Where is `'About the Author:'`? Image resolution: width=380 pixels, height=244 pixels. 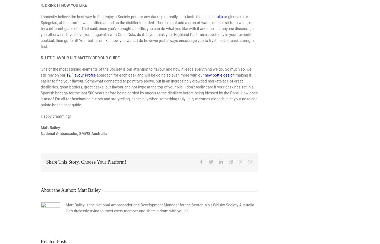 'About the Author:' is located at coordinates (59, 190).